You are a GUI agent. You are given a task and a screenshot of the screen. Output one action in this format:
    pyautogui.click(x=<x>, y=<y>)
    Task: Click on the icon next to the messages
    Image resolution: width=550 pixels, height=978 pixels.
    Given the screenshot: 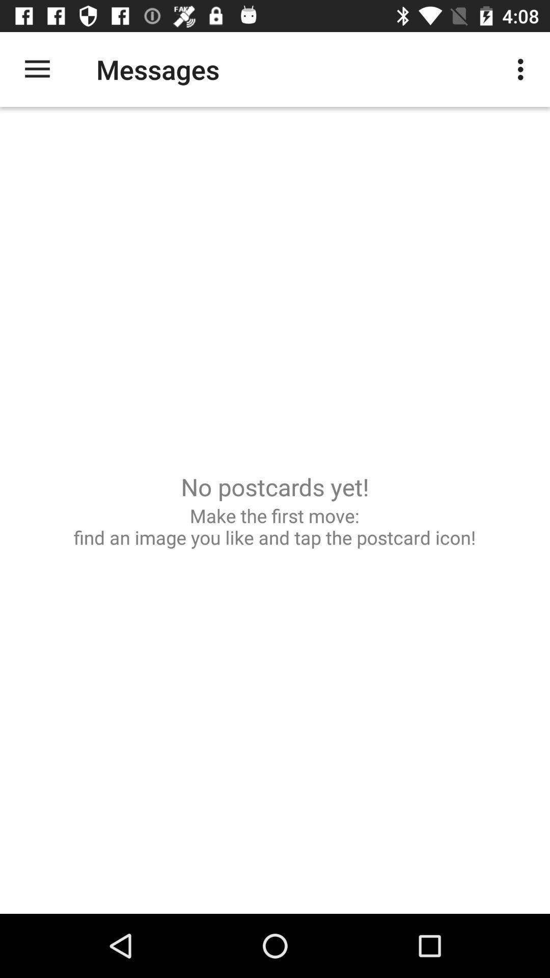 What is the action you would take?
    pyautogui.click(x=37, y=69)
    